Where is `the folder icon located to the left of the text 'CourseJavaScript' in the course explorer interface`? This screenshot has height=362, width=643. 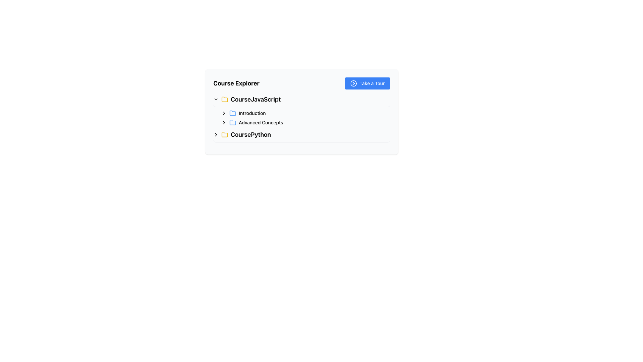 the folder icon located to the left of the text 'CourseJavaScript' in the course explorer interface is located at coordinates (225, 100).